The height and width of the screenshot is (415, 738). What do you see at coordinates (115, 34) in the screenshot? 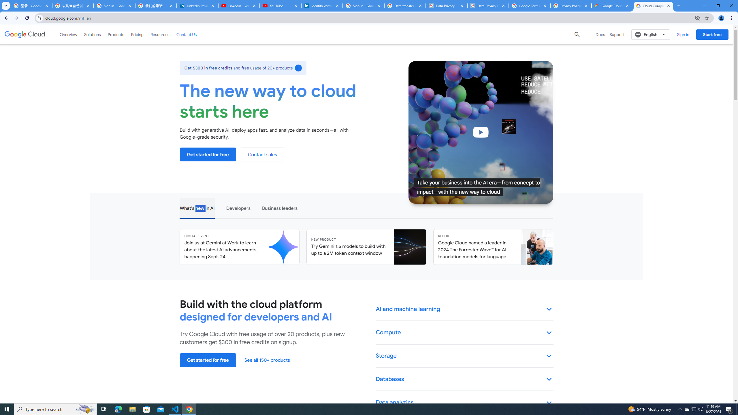
I see `'Products'` at bounding box center [115, 34].